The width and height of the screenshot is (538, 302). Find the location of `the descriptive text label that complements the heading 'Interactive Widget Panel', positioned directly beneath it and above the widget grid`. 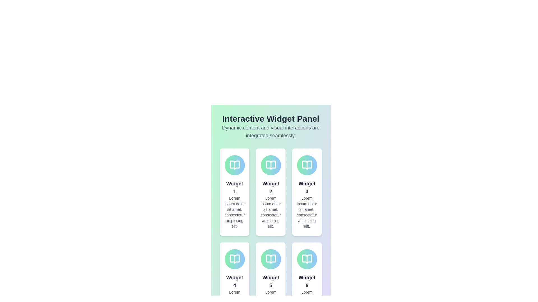

the descriptive text label that complements the heading 'Interactive Widget Panel', positioned directly beneath it and above the widget grid is located at coordinates (271, 131).